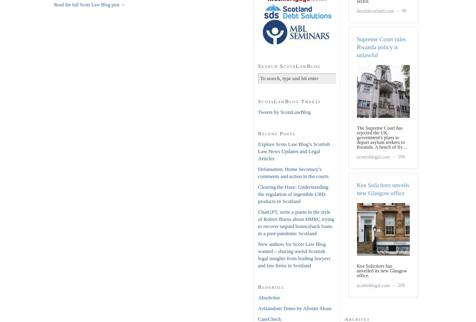 This screenshot has width=476, height=322. I want to click on 'CaseCheck', so click(269, 318).